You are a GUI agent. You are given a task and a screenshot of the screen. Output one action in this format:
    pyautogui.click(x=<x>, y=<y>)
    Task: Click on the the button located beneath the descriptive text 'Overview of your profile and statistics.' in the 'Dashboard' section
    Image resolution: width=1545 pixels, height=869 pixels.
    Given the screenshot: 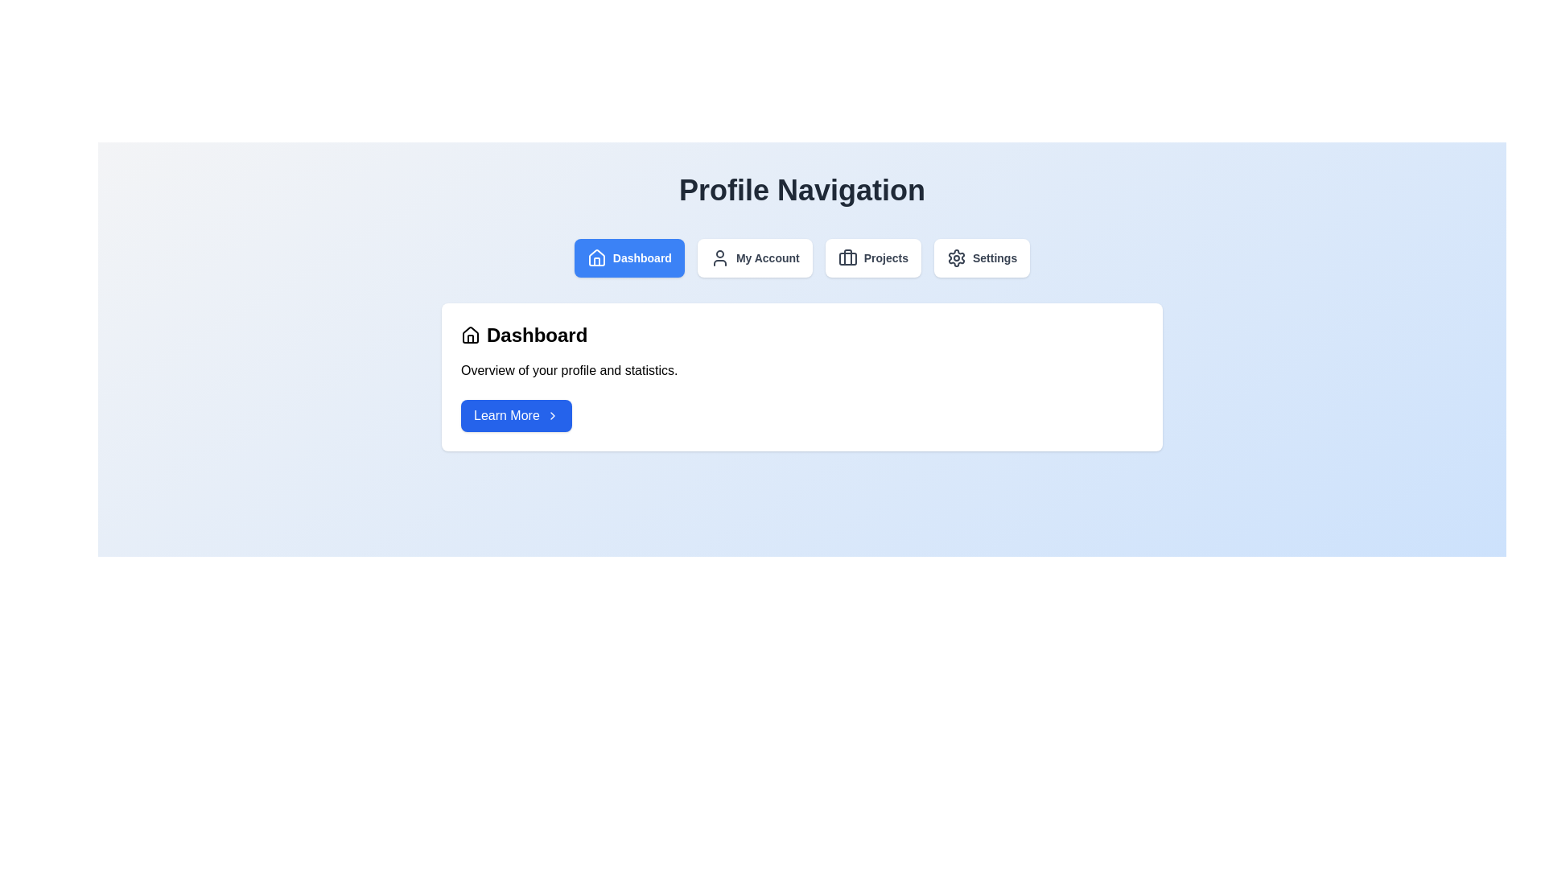 What is the action you would take?
    pyautogui.click(x=516, y=414)
    